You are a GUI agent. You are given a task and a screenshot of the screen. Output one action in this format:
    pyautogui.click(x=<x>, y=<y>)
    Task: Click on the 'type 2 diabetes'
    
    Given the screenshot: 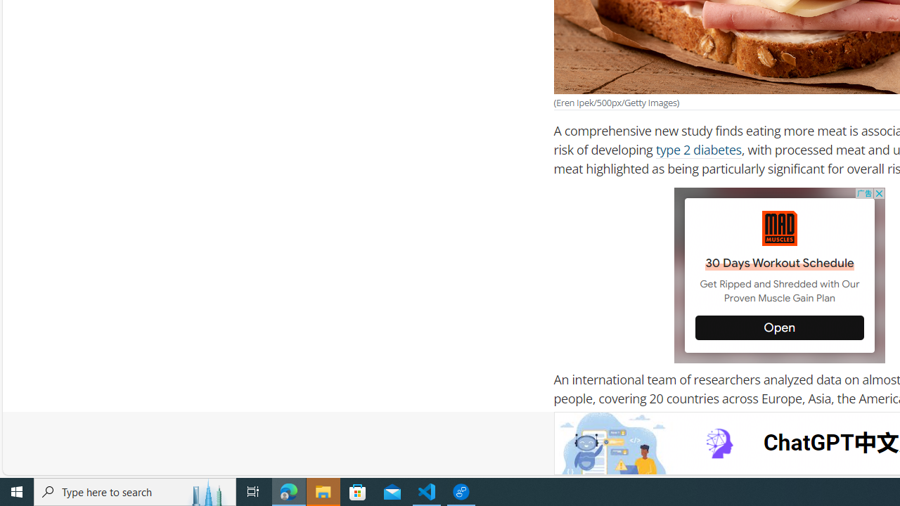 What is the action you would take?
    pyautogui.click(x=698, y=150)
    